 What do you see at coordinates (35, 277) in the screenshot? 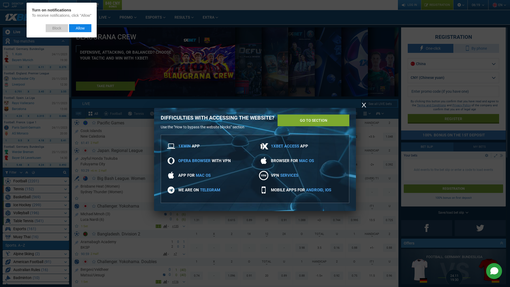
I see `'Badminton` at bounding box center [35, 277].